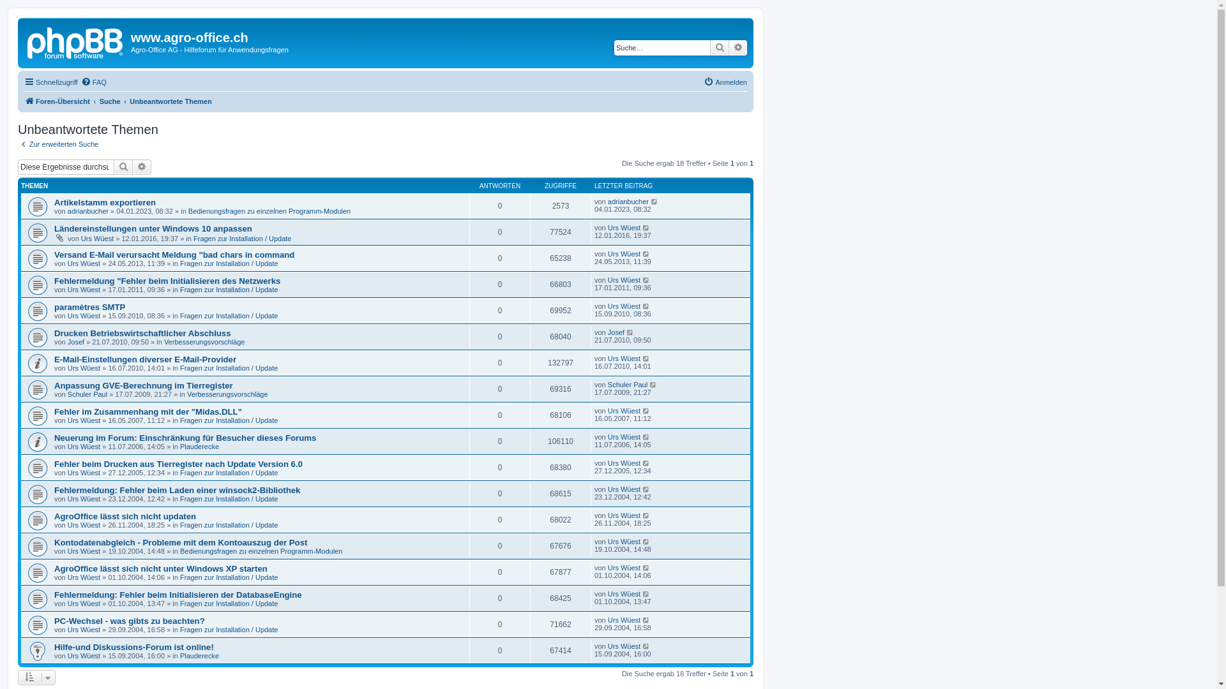  What do you see at coordinates (229, 368) in the screenshot?
I see `'Fragen zur Installation / Update'` at bounding box center [229, 368].